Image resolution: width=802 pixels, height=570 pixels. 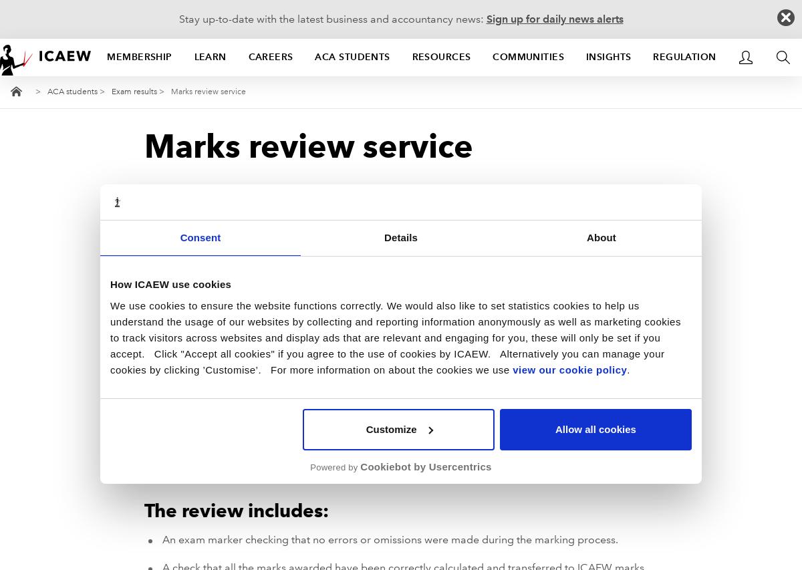 What do you see at coordinates (394, 337) in the screenshot?
I see `'We use cookies to ensure the website functions correctly. We would also like to set statistics cookies to help us understand the usage of our websites by collecting and reporting information anonymously as well as marketing cookies to track visitors across websites and display ads that are relevant and engaging for you, these will only be set if you accept.   Click "Accept all cookies" if you agree to the use of cookies by ICAEW.   Alternatively you can manage your cookies by clicking ’Customise’.   For more information on about the cookies we use'` at bounding box center [394, 337].